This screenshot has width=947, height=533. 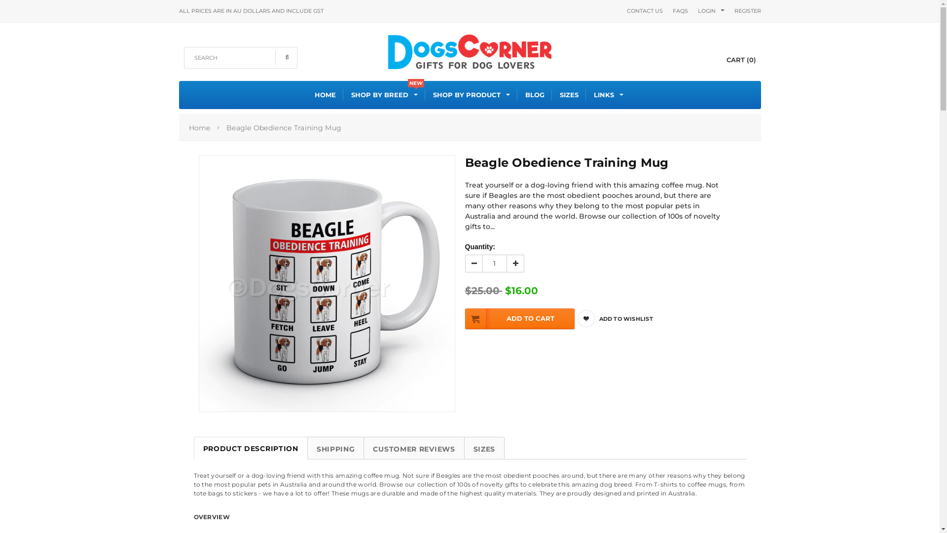 What do you see at coordinates (747, 11) in the screenshot?
I see `'REGISTER'` at bounding box center [747, 11].